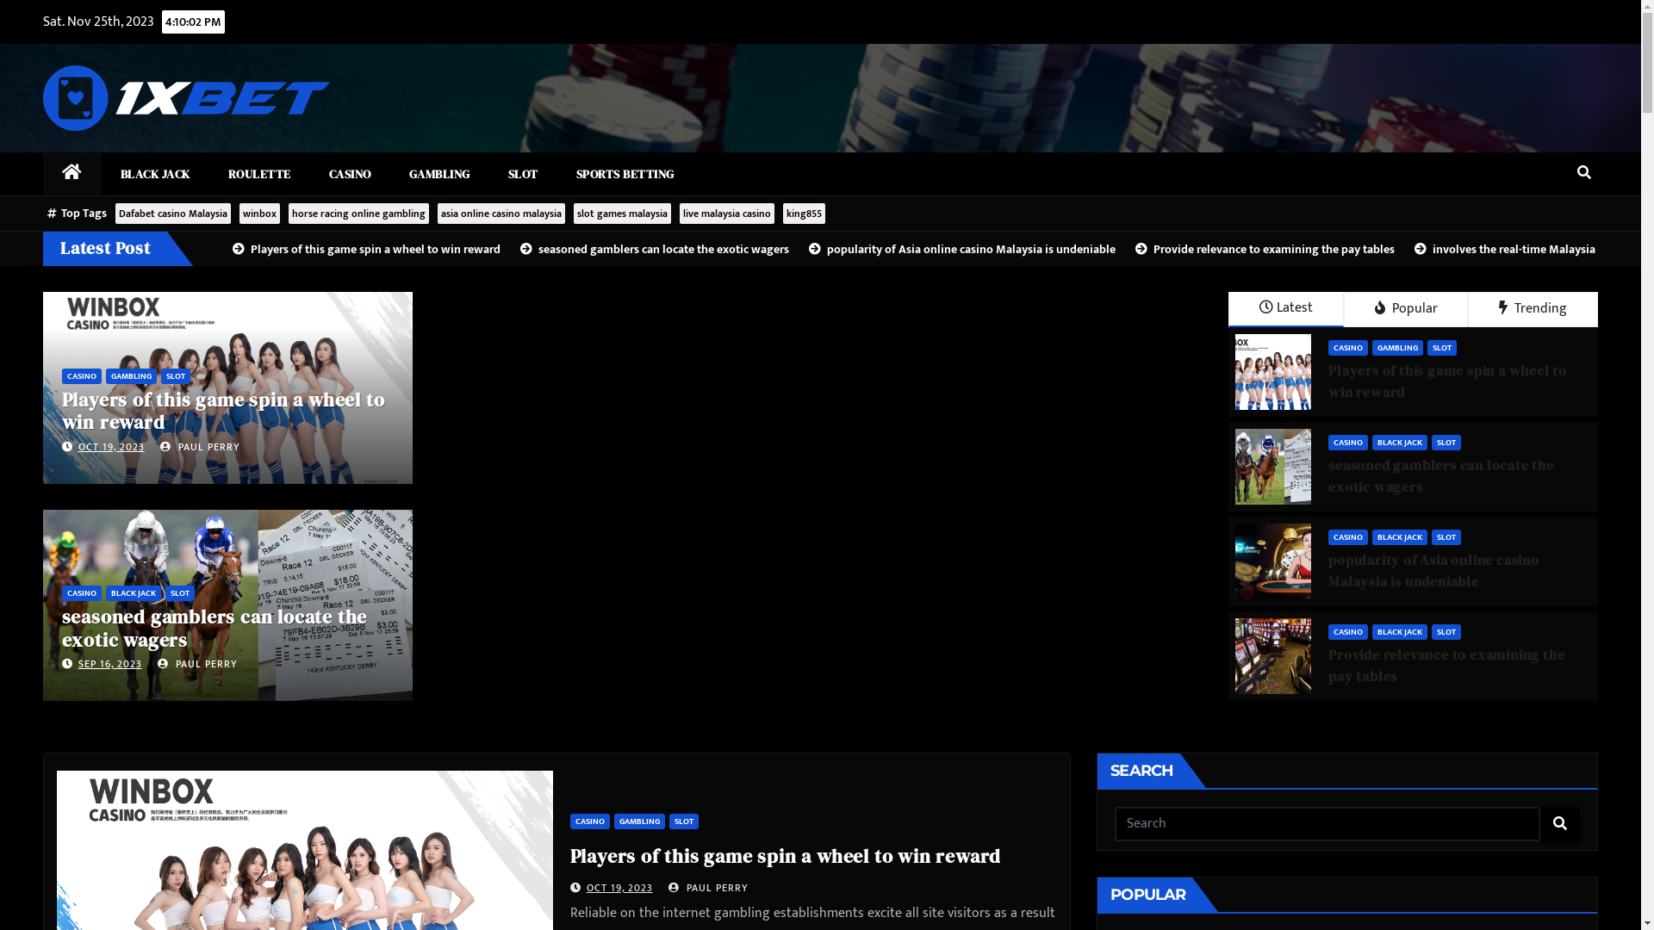 This screenshot has height=930, width=1654. What do you see at coordinates (1467, 308) in the screenshot?
I see `'Trending'` at bounding box center [1467, 308].